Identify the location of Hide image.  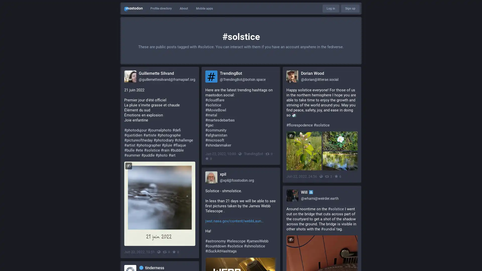
(291, 239).